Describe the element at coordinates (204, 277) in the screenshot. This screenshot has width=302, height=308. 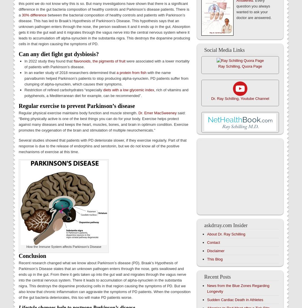
I see `'Recent Posts'` at that location.